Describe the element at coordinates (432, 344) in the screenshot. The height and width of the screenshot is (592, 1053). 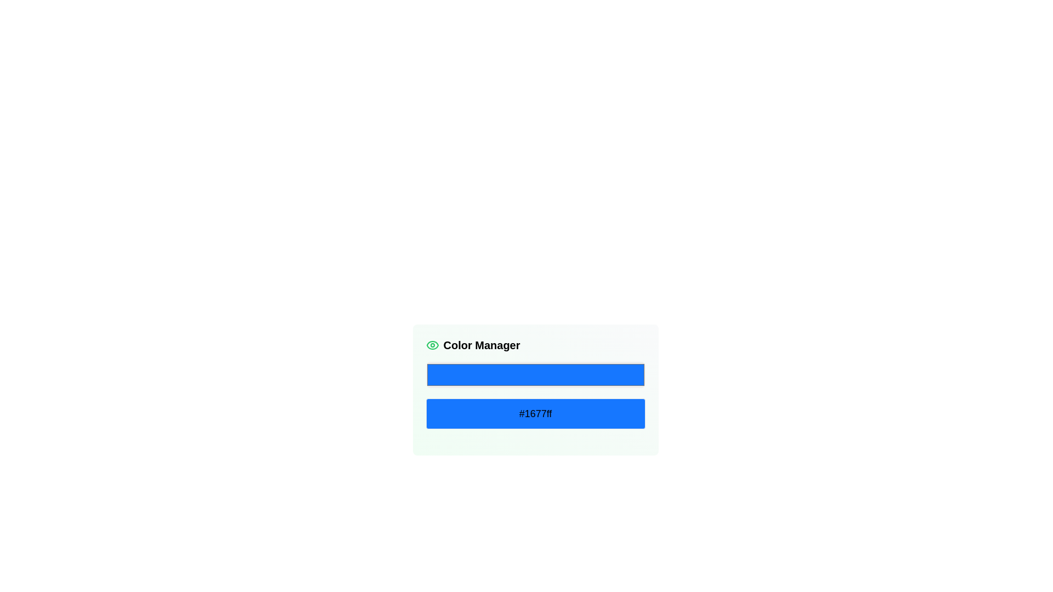
I see `the eye-shaped icon with a green outline located in the top-left corner of the 'Color Manager' panel, positioned directly before the title text` at that location.